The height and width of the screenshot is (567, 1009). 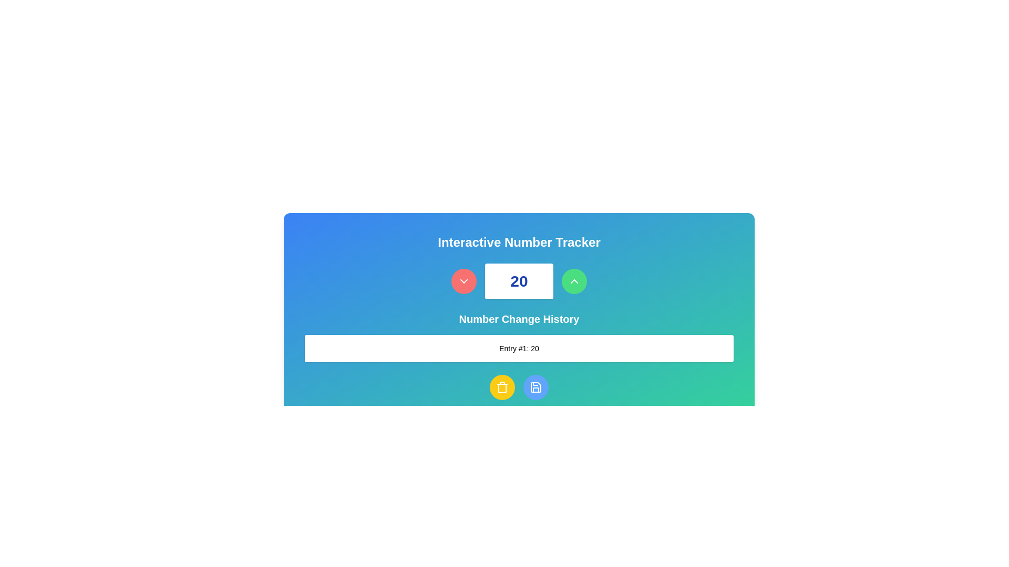 What do you see at coordinates (464, 281) in the screenshot?
I see `the red circular button with a white downward-facing chevron icon to decrease the number displayed in the adjacent box` at bounding box center [464, 281].